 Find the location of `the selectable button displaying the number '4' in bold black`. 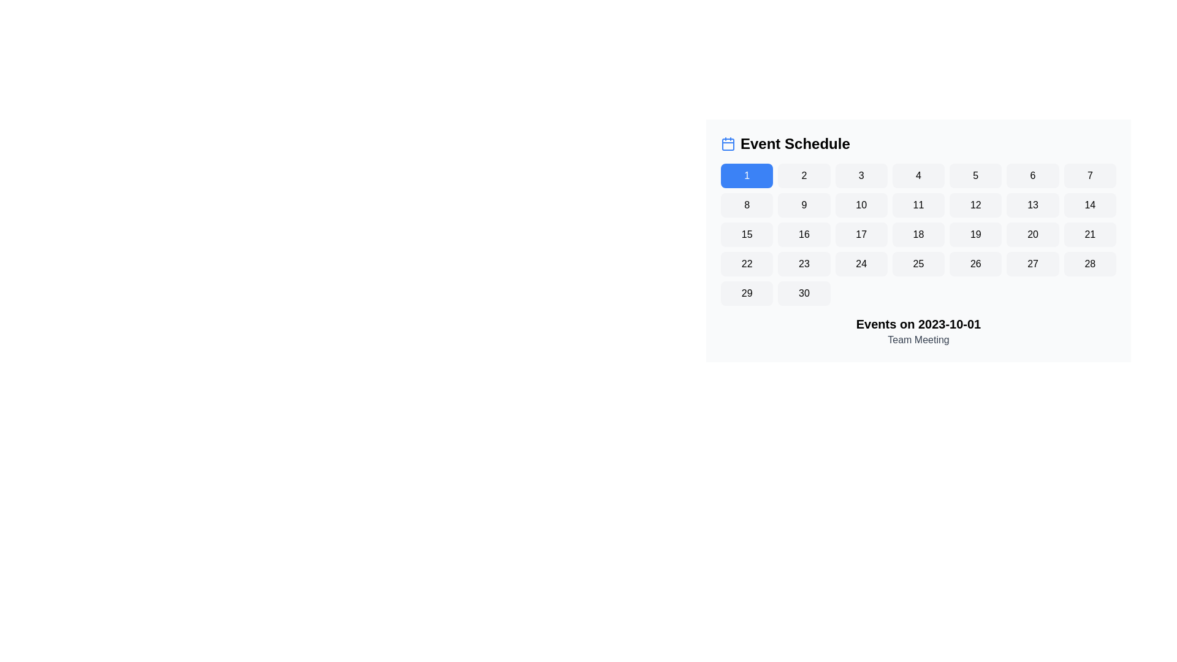

the selectable button displaying the number '4' in bold black is located at coordinates (918, 175).